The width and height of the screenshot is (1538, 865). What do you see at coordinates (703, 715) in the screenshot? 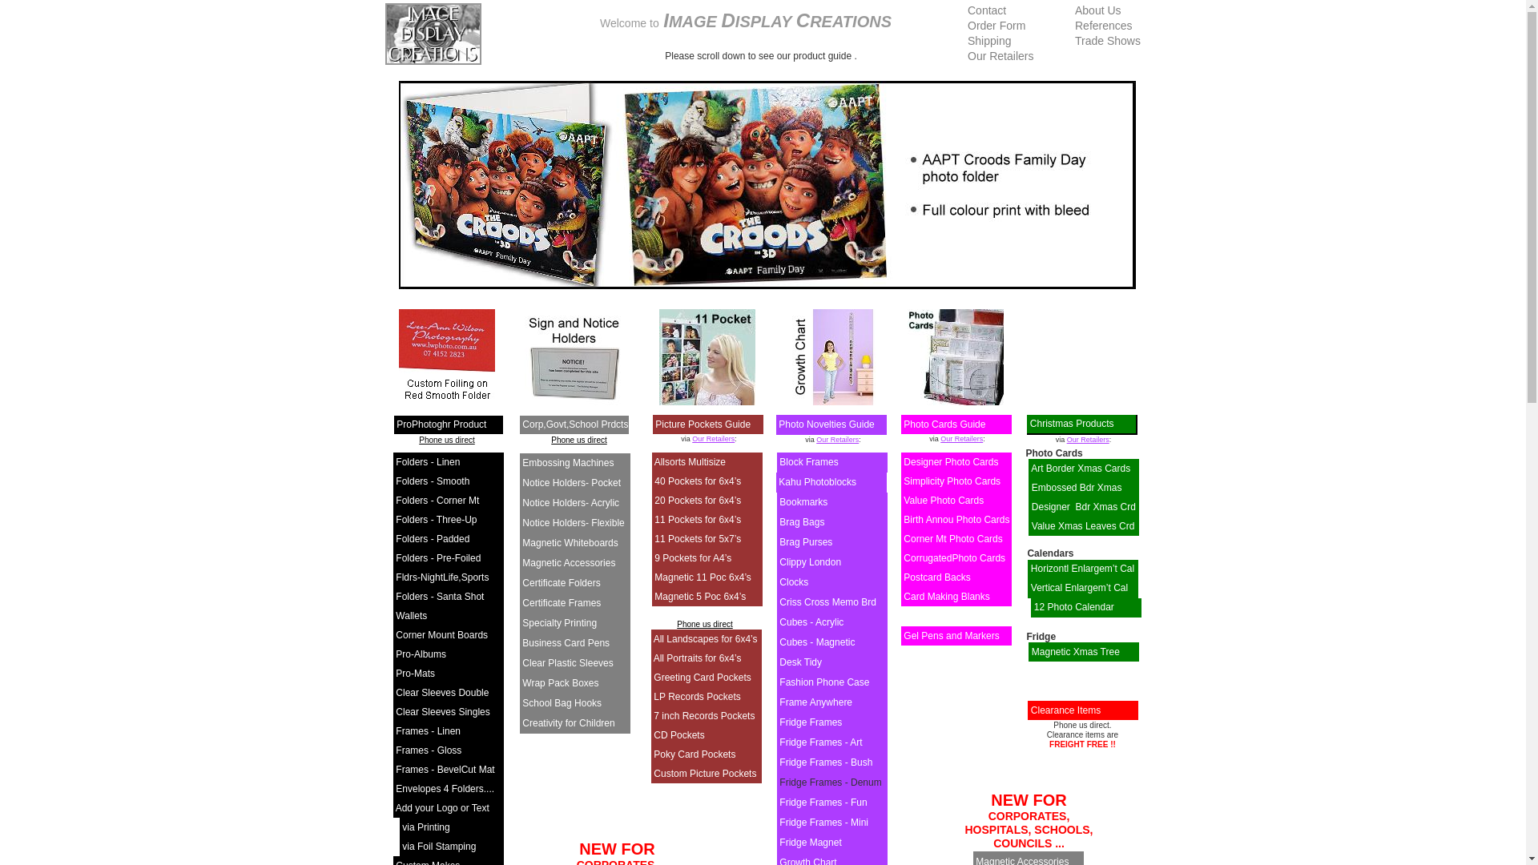
I see `'7 inch Records Pockets'` at bounding box center [703, 715].